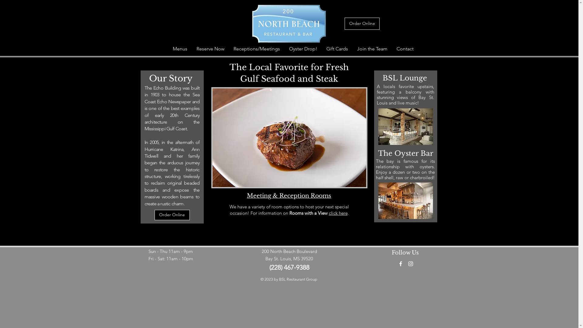 The image size is (583, 328). I want to click on 'Oyster Drop!', so click(303, 48).